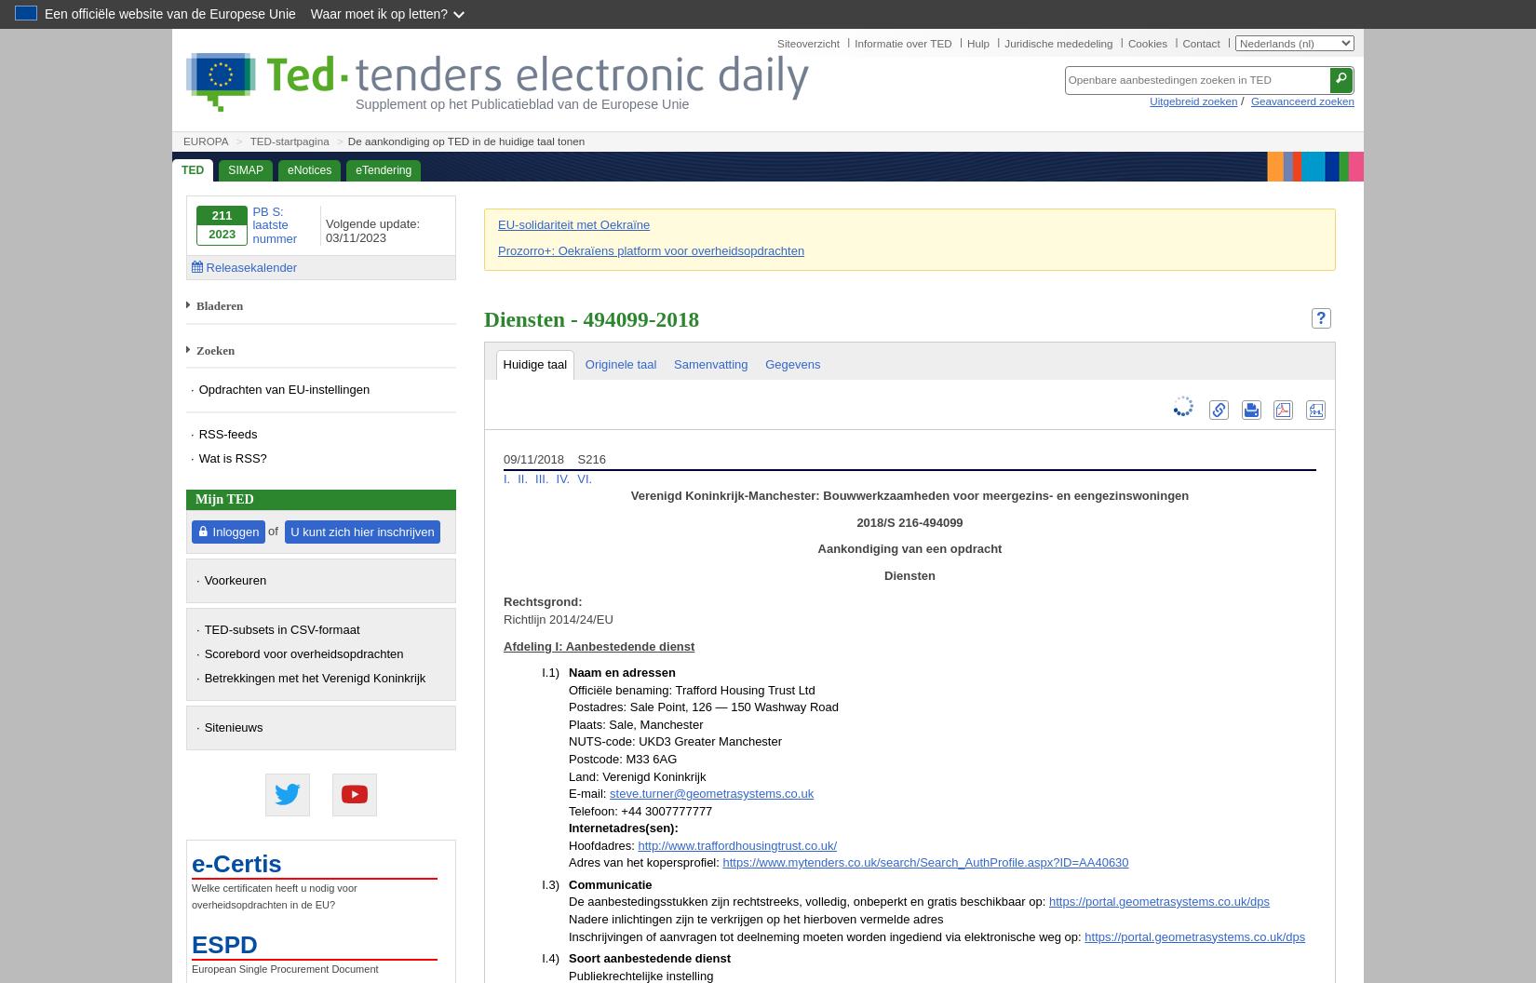  I want to click on 'Varianten worden geaccepteerd: neen', so click(567, 501).